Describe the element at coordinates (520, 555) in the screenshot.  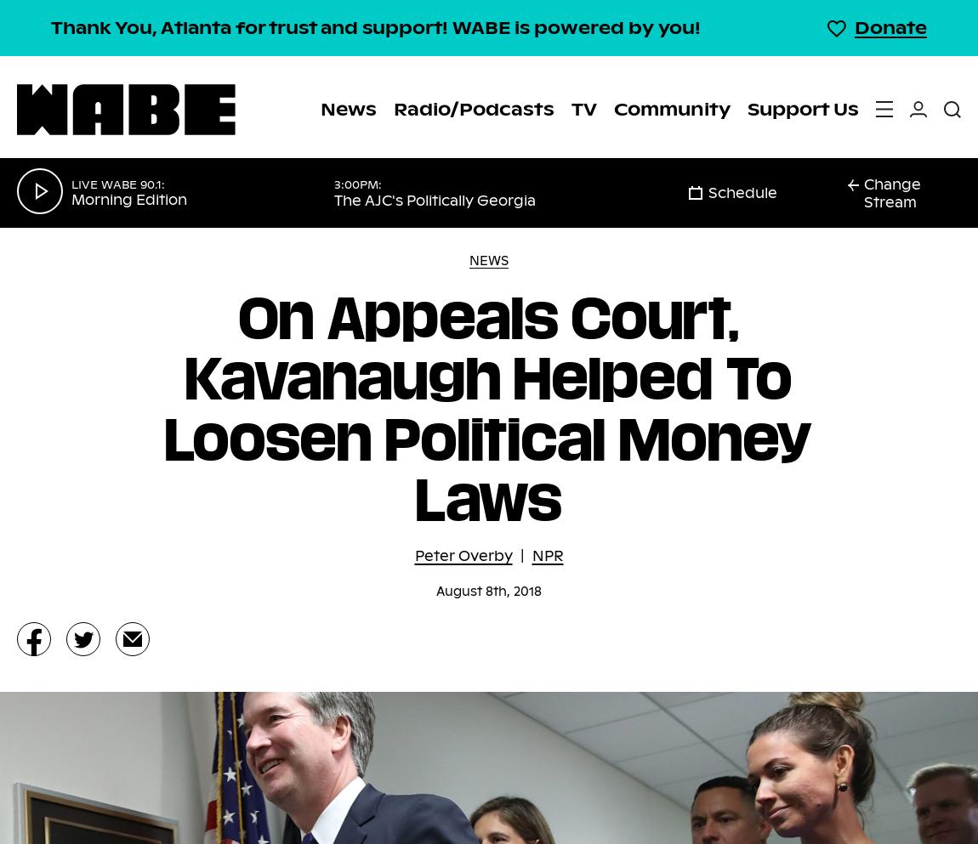
I see `'|'` at that location.